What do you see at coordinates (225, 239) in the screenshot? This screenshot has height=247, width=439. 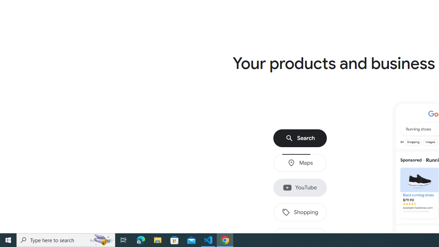 I see `'Google Chrome - 1 running window'` at bounding box center [225, 239].